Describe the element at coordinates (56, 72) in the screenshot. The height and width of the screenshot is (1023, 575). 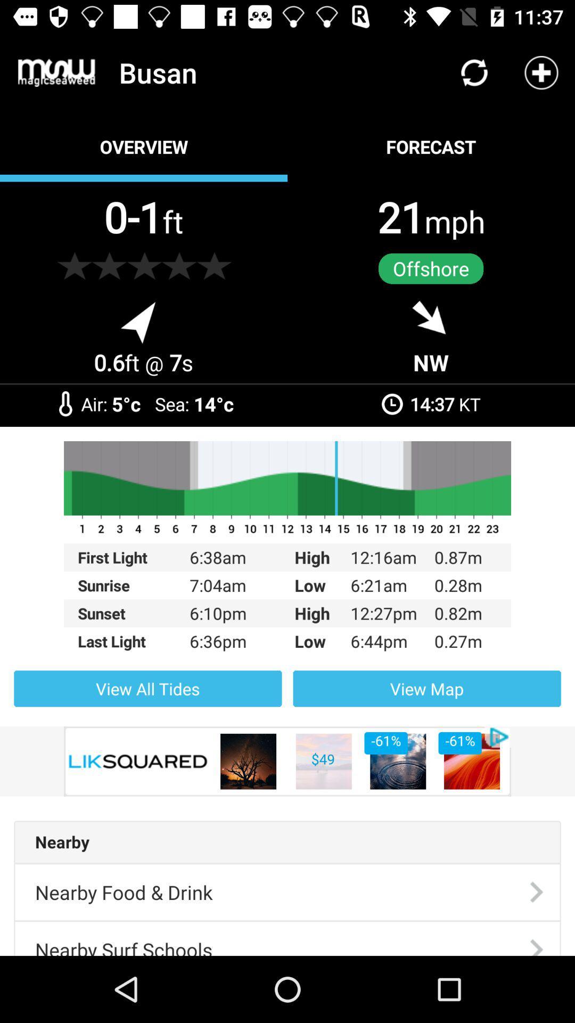
I see `the item next to the busan` at that location.